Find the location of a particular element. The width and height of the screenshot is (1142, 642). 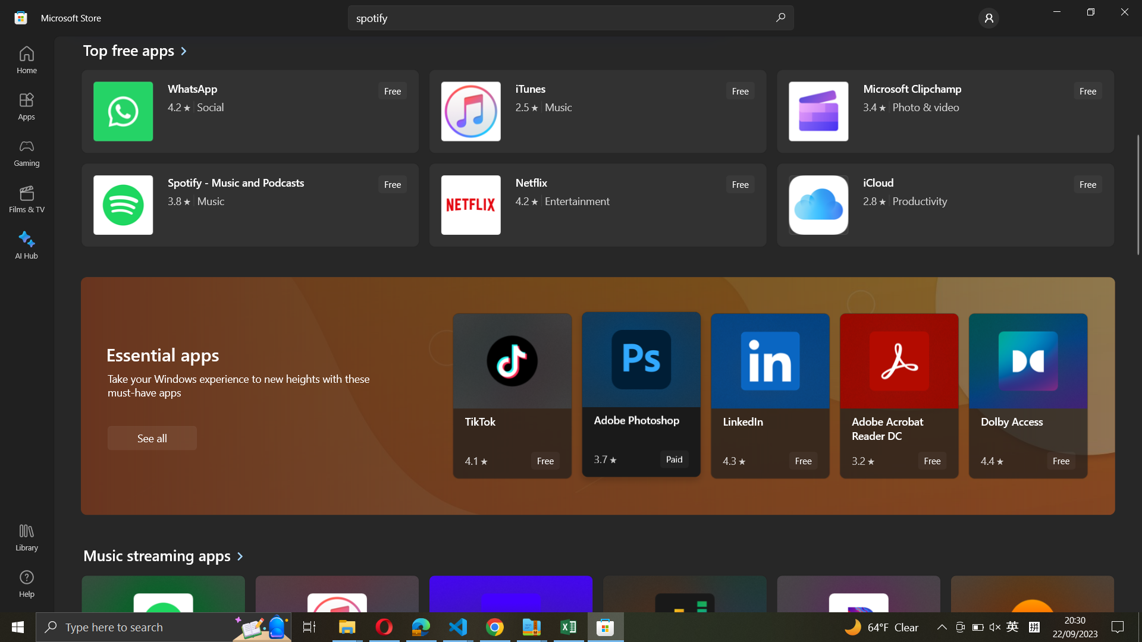

Adobe Acrobat Reader DC program is located at coordinates (900, 396).